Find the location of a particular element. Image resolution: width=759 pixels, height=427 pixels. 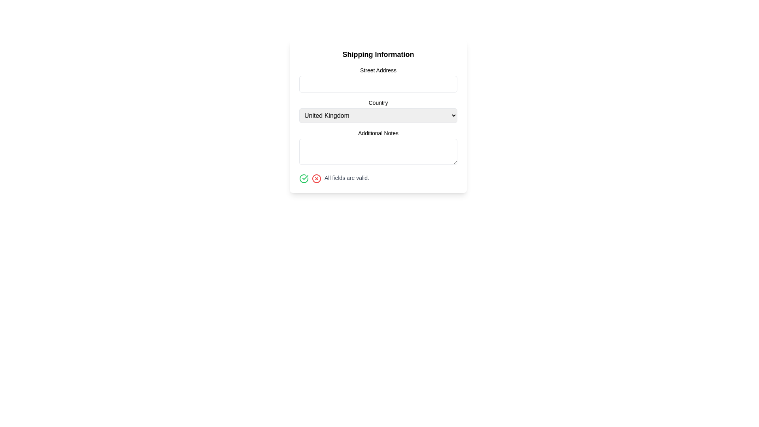

the dropdown menu for country selection is located at coordinates (378, 111).